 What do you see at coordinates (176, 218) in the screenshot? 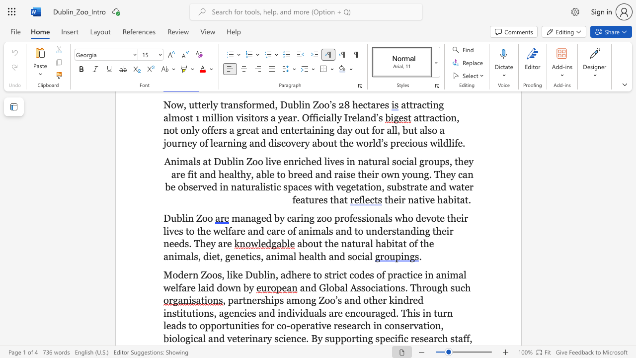
I see `the subset text "bli" within the text "Dublin Zoo"` at bounding box center [176, 218].